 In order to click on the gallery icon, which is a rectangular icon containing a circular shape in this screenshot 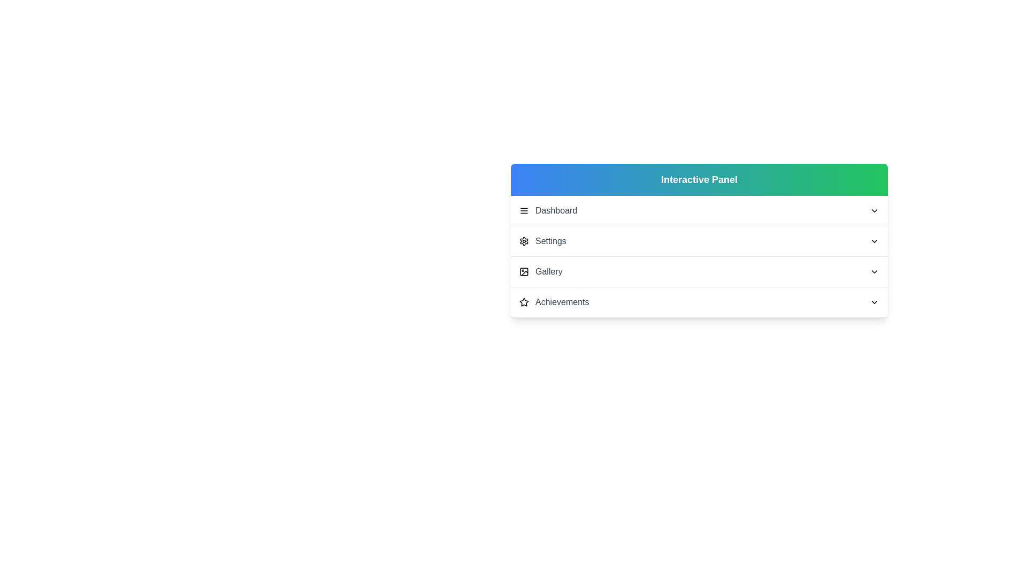, I will do `click(524, 271)`.